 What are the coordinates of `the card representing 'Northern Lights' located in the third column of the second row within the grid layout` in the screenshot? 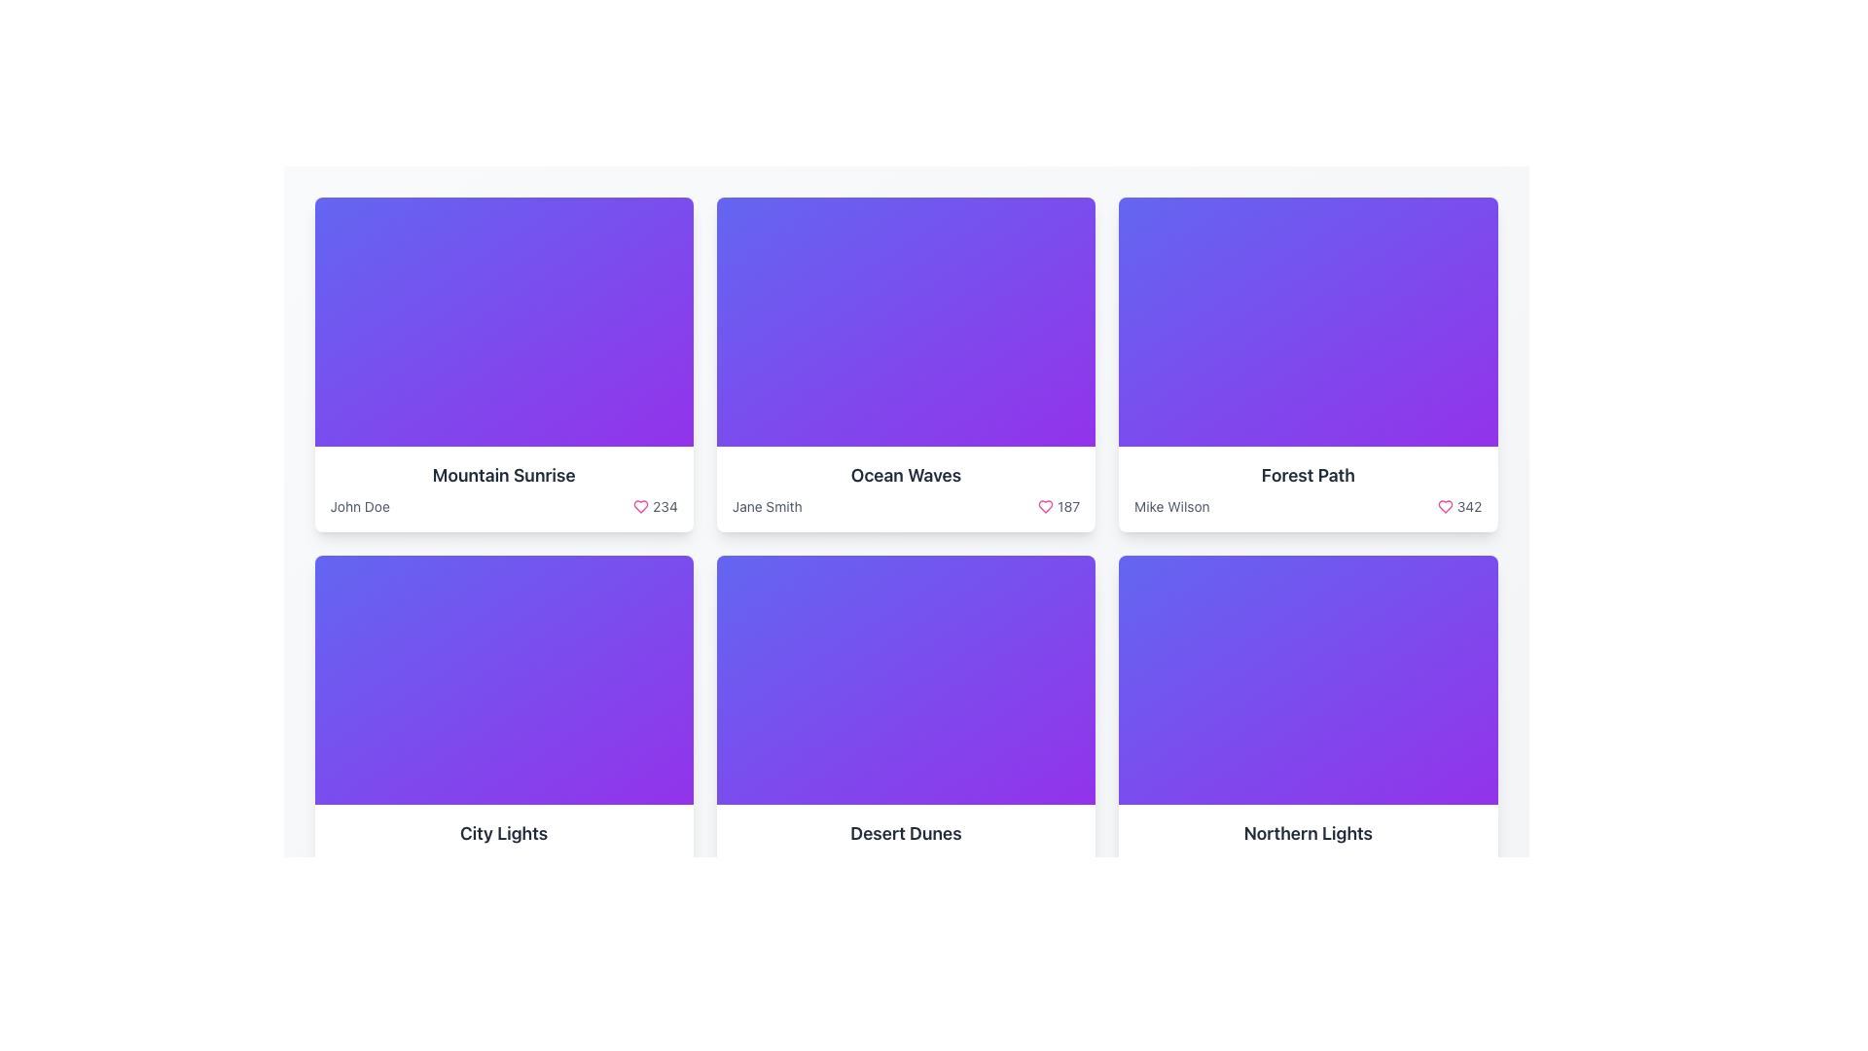 It's located at (1308, 723).